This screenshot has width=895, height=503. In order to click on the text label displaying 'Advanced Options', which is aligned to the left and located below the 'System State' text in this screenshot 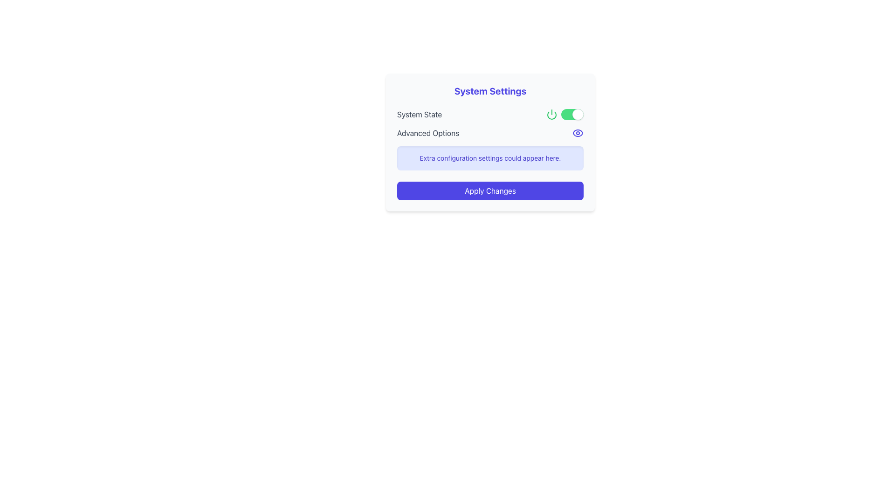, I will do `click(427, 133)`.